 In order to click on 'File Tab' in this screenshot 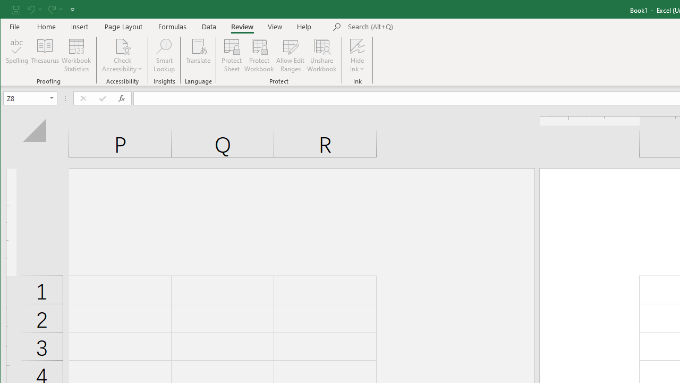, I will do `click(15, 26)`.